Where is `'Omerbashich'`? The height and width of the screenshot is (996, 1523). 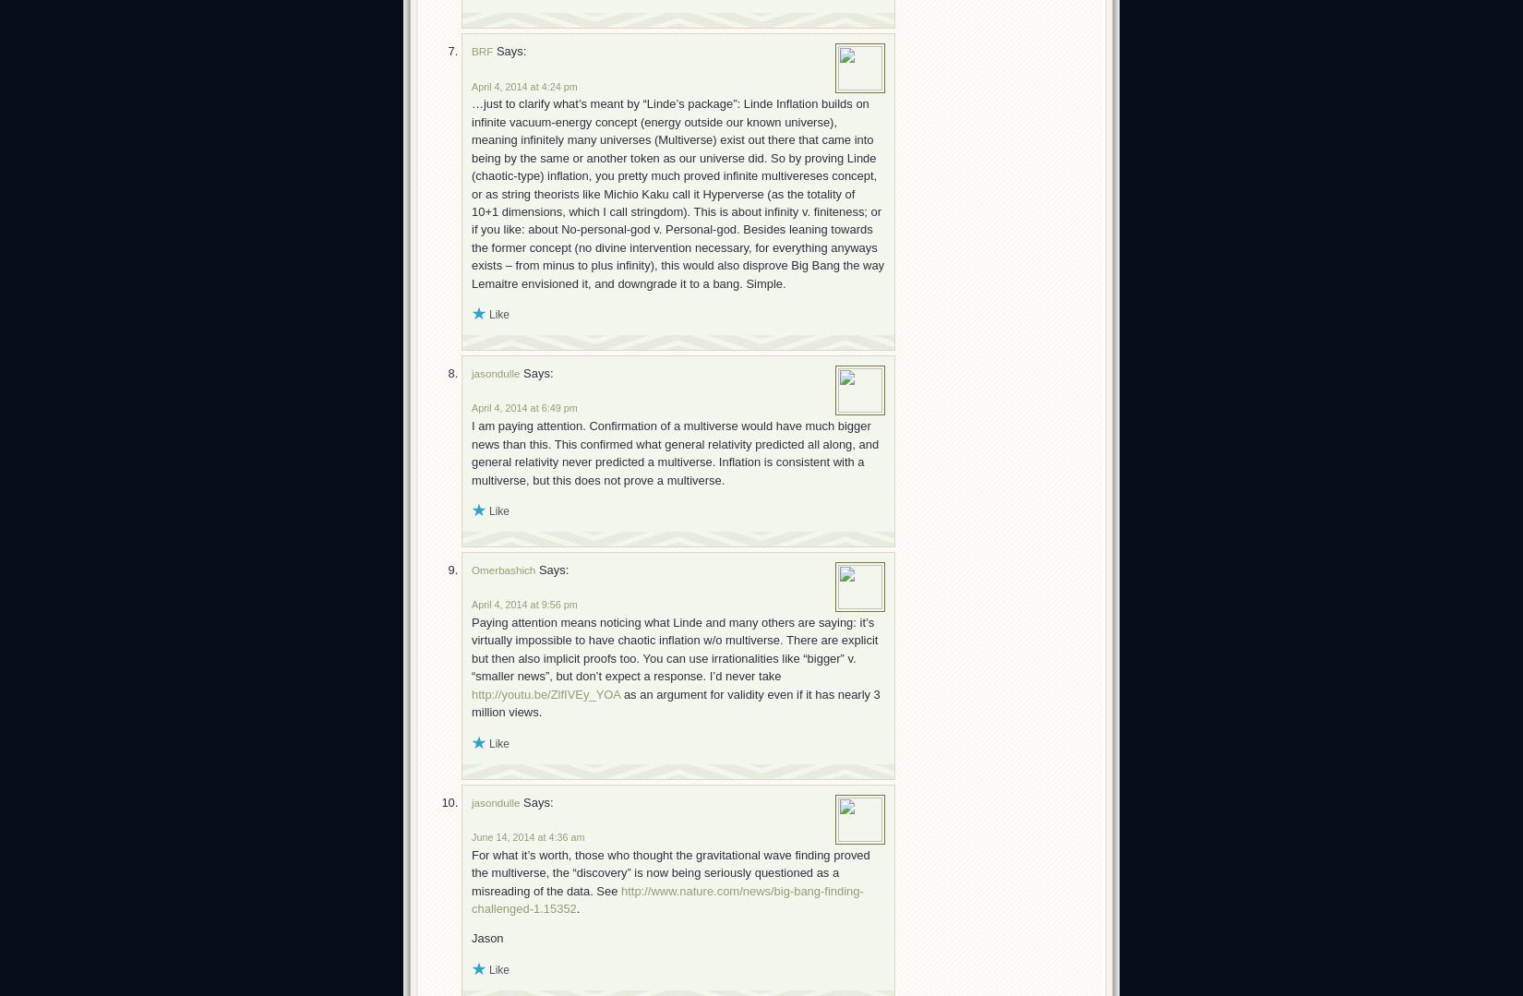
'Omerbashich' is located at coordinates (502, 569).